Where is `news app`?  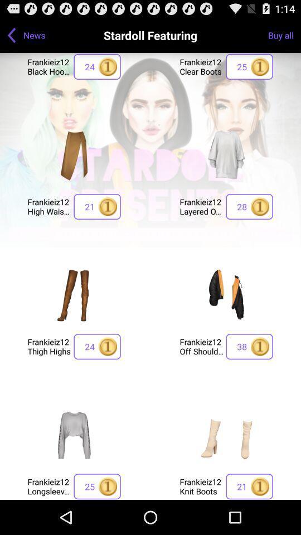 news app is located at coordinates (34, 35).